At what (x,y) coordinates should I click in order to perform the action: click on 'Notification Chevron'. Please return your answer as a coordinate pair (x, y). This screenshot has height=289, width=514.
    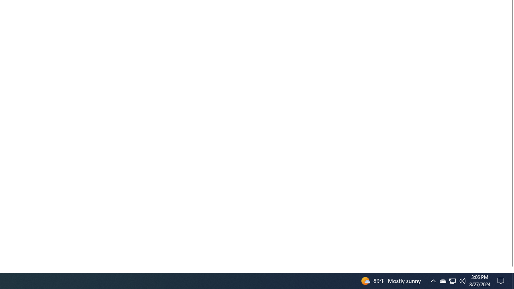
    Looking at the image, I should click on (433, 280).